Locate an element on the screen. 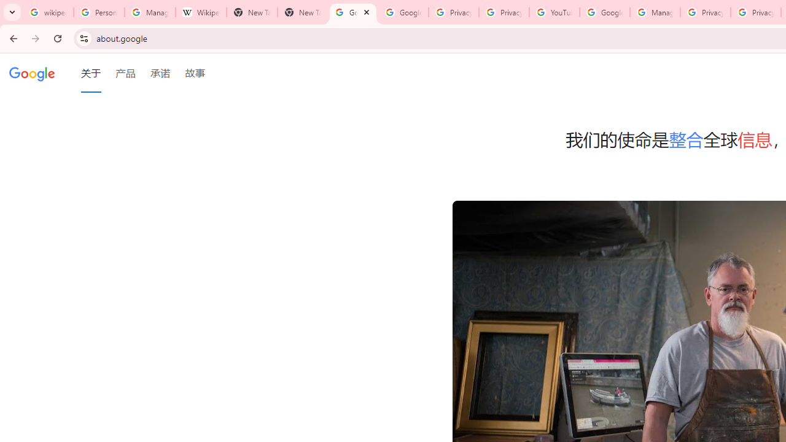  'New Tab' is located at coordinates (302, 12).